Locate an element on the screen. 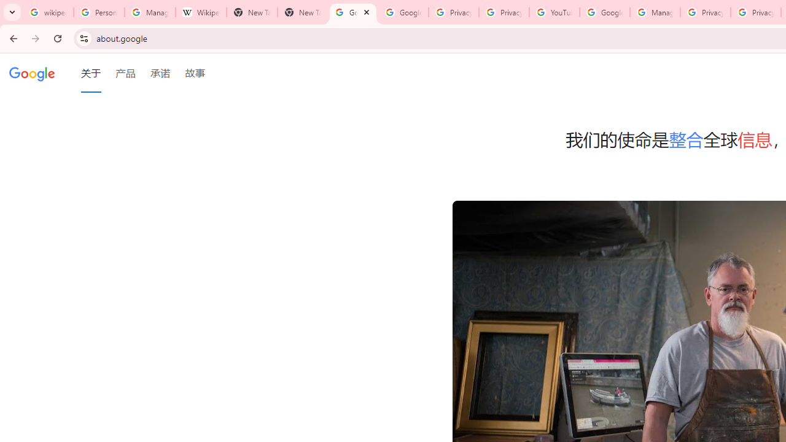  'New Tab' is located at coordinates (302, 12).